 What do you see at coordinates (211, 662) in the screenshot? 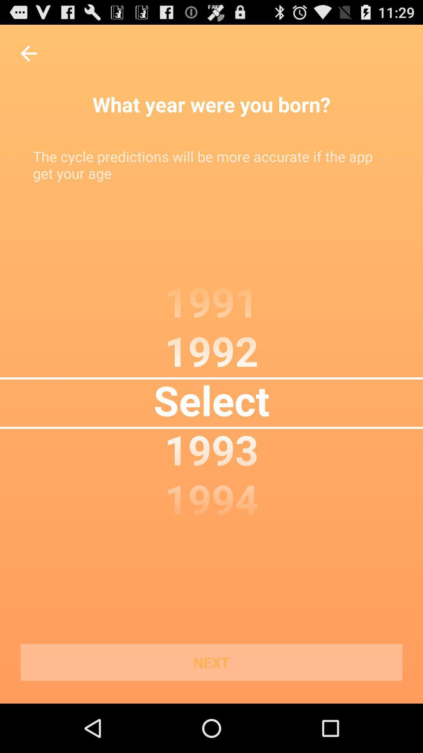
I see `the icon below 1994 icon` at bounding box center [211, 662].